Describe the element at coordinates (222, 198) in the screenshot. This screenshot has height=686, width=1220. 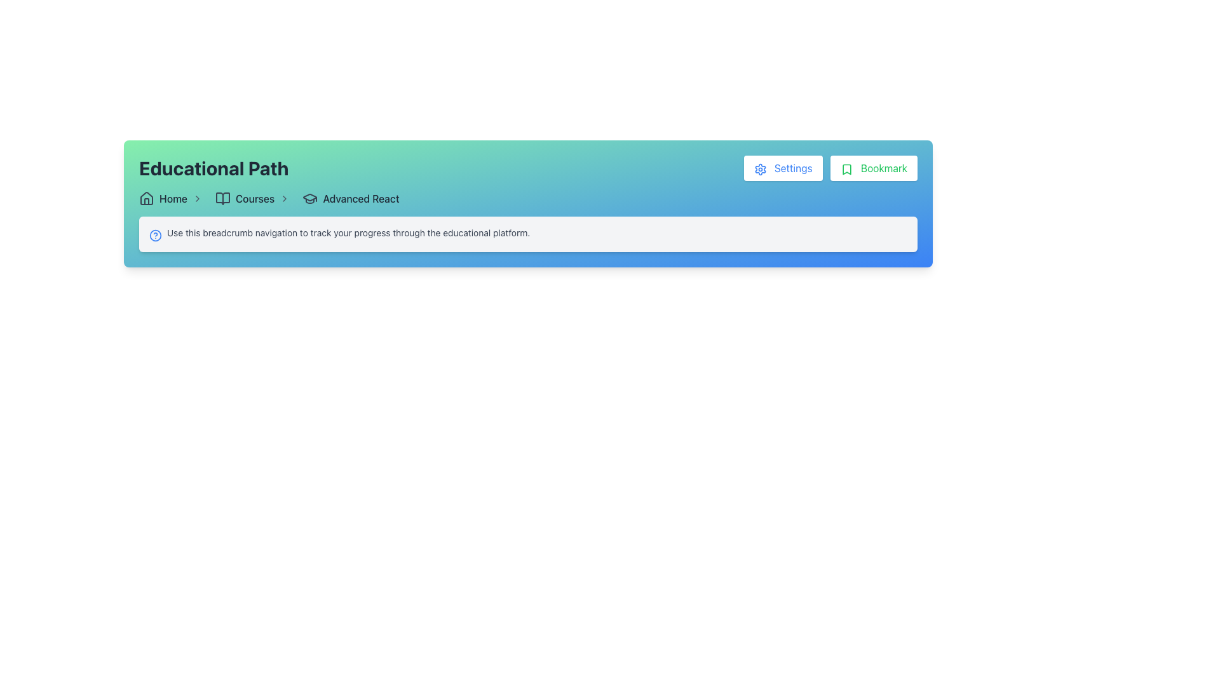
I see `the open book icon located in the breadcrumb navigation area, which is immediately before the text 'Courses'` at that location.